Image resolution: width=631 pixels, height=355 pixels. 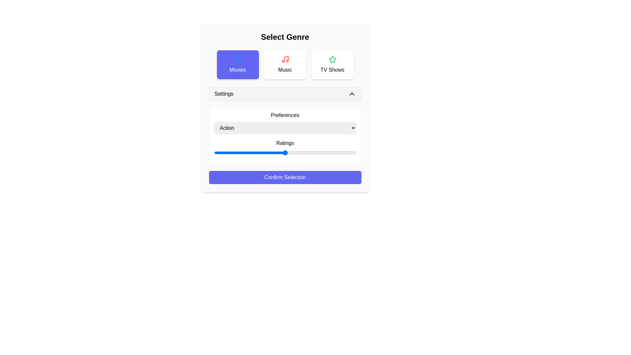 I want to click on the rating value, so click(x=282, y=153).